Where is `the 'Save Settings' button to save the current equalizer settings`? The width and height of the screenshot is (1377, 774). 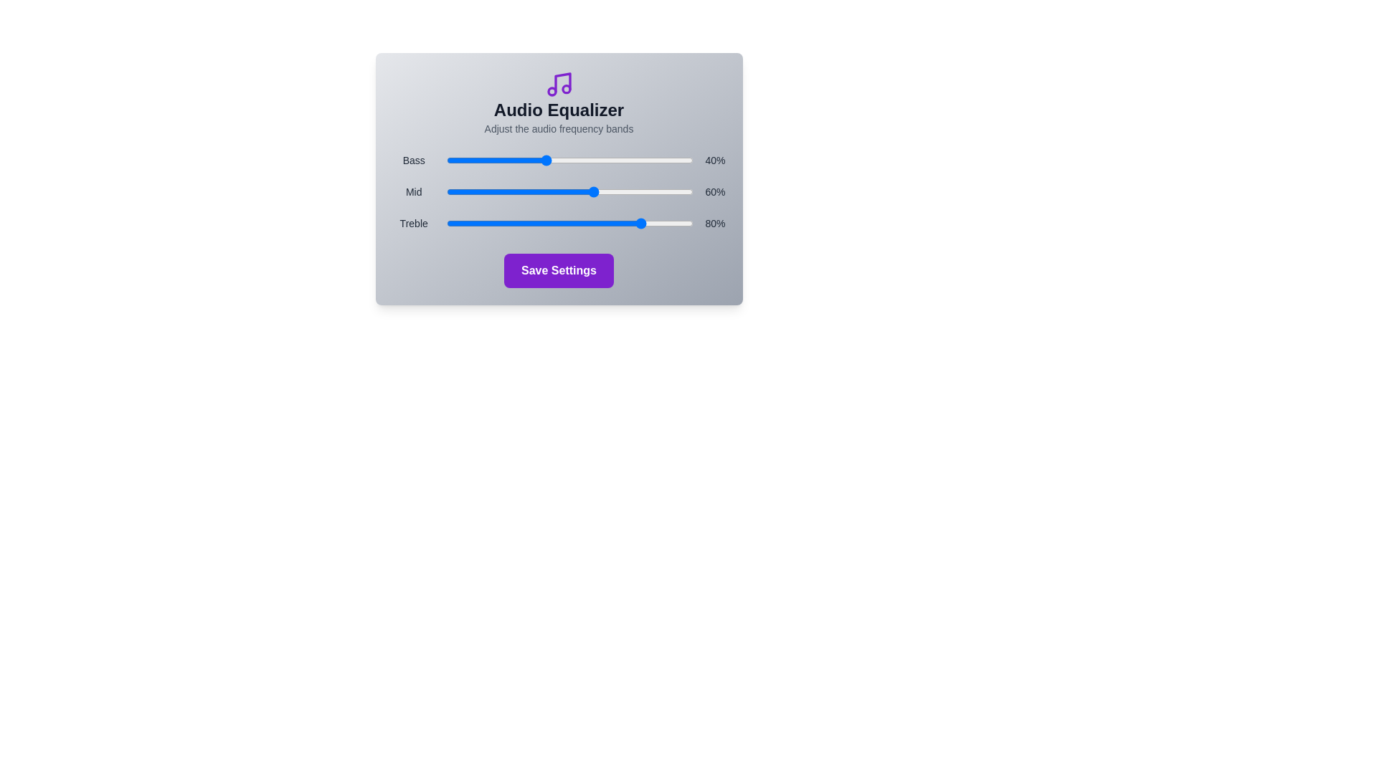 the 'Save Settings' button to save the current equalizer settings is located at coordinates (558, 271).